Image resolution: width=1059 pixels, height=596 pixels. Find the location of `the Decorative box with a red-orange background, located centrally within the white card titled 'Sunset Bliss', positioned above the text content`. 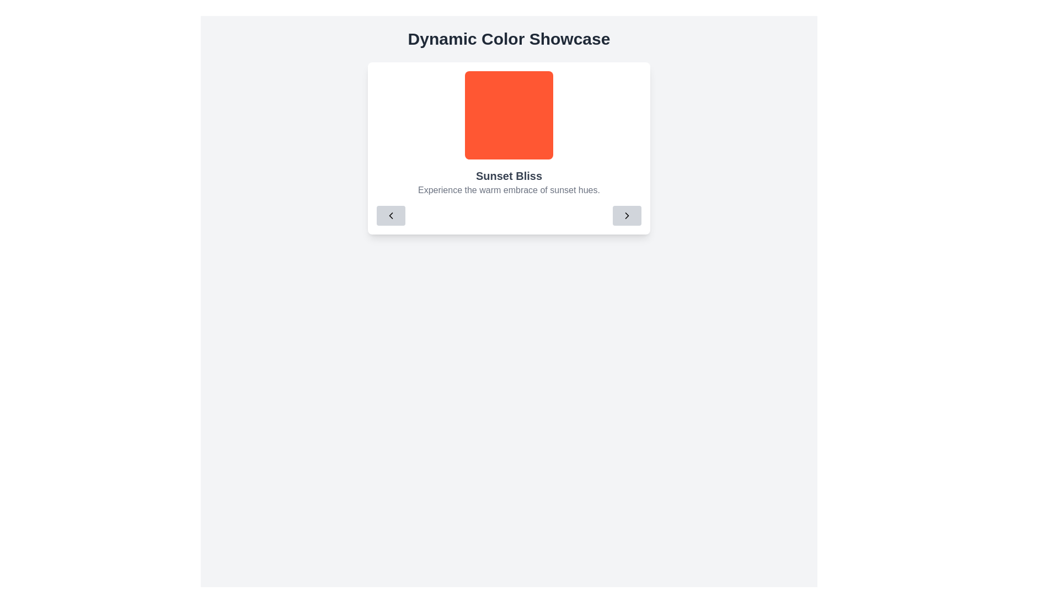

the Decorative box with a red-orange background, located centrally within the white card titled 'Sunset Bliss', positioned above the text content is located at coordinates (508, 115).